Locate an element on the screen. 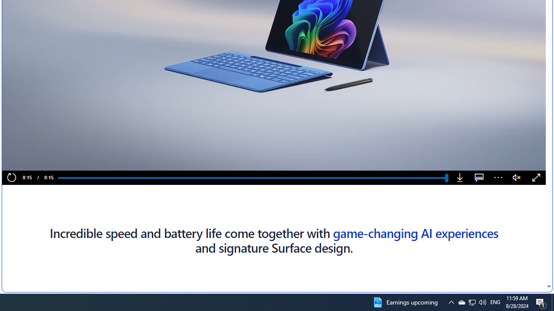  'Captions' is located at coordinates (479, 178).